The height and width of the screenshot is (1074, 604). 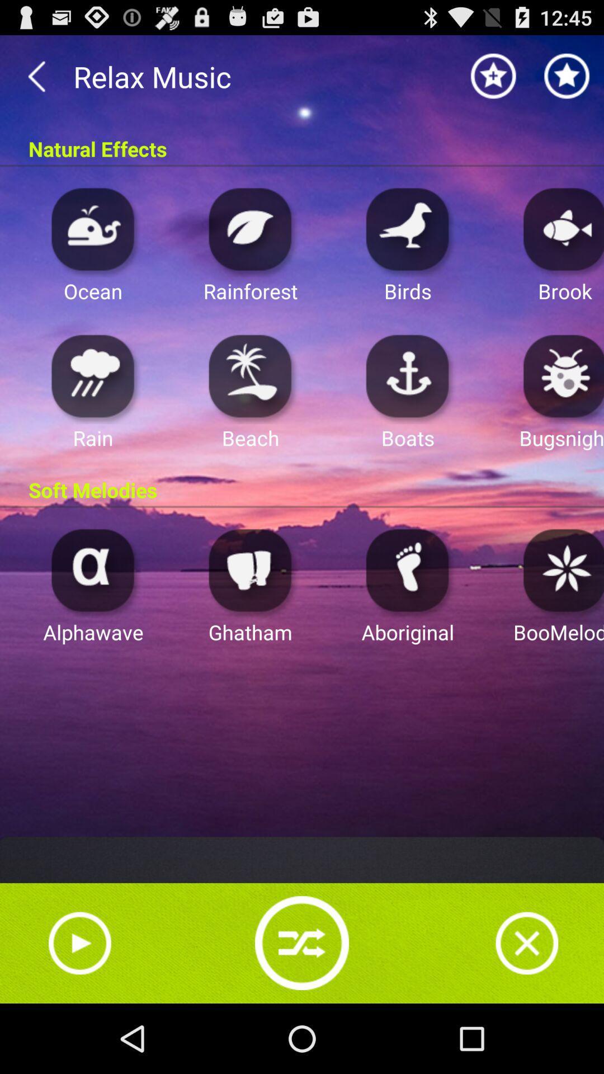 I want to click on to take the ghatham, so click(x=250, y=569).